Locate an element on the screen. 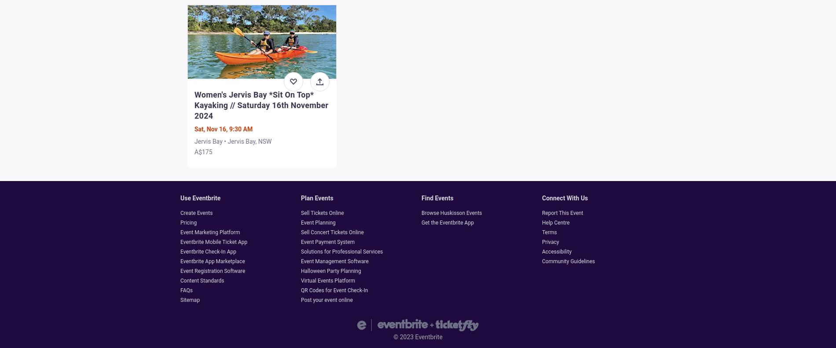 This screenshot has height=348, width=836. 'Event Registration Software' is located at coordinates (180, 270).